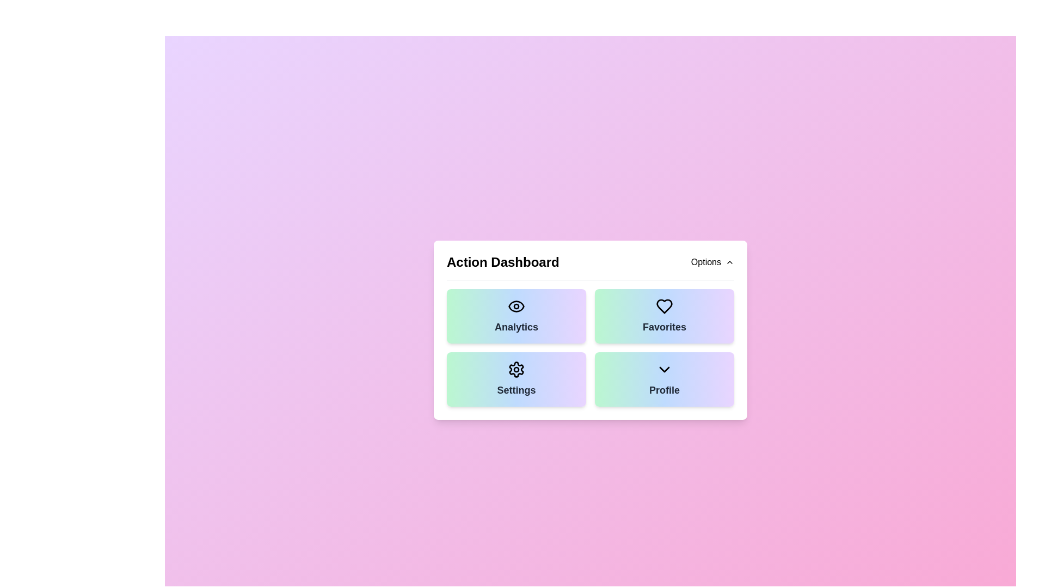 This screenshot has width=1045, height=588. Describe the element at coordinates (516, 369) in the screenshot. I see `the gear-shaped settings icon located in the lower-left side of the grid layout` at that location.